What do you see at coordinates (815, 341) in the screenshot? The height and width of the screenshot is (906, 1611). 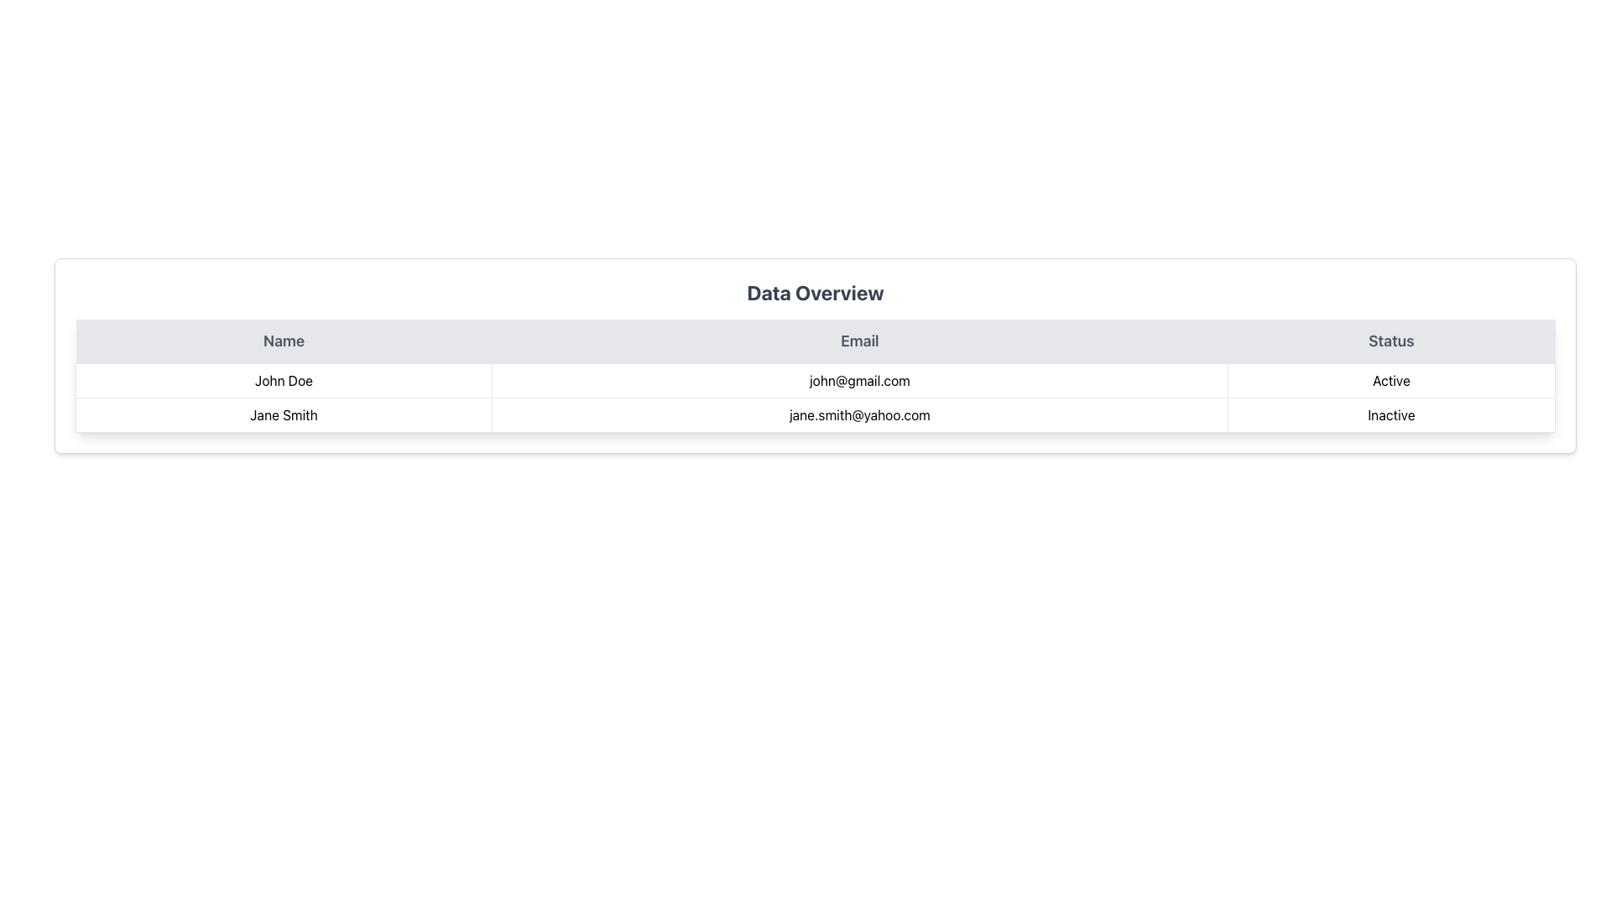 I see `Table Header Row element located at the top of the data table, which features three sections labeled 'Name', 'Email', and 'Status', to understand its structure` at bounding box center [815, 341].